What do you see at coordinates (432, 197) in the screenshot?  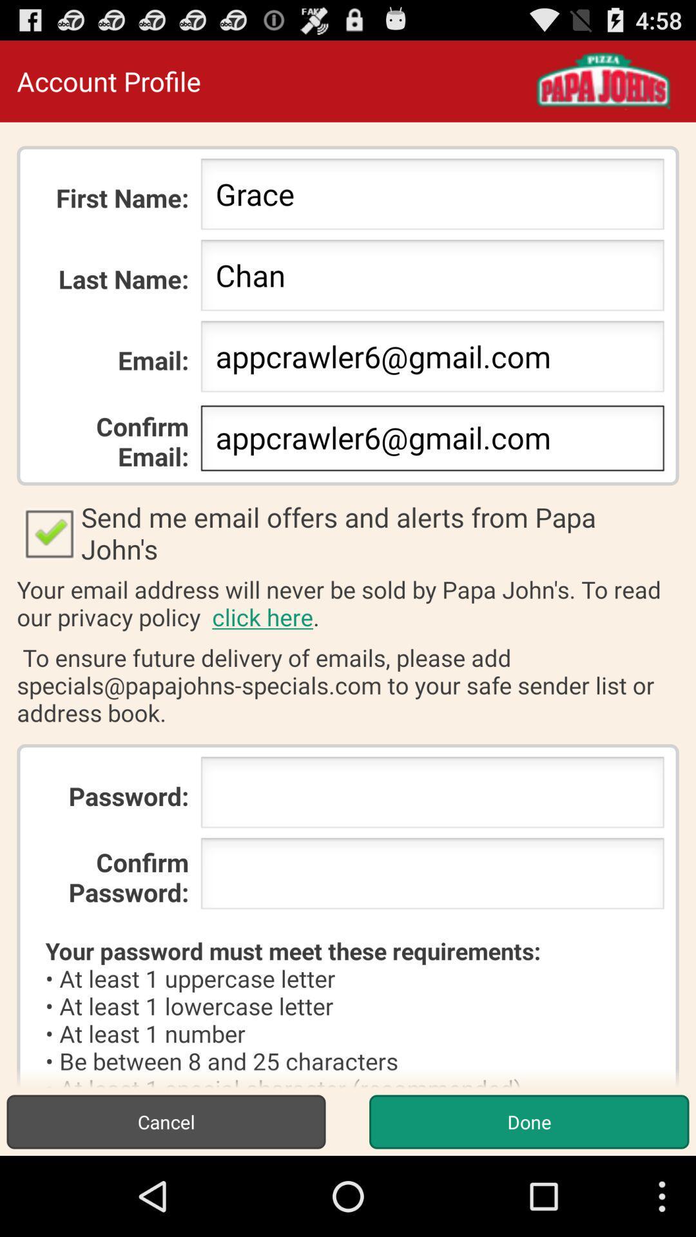 I see `icon to the right of first name: item` at bounding box center [432, 197].